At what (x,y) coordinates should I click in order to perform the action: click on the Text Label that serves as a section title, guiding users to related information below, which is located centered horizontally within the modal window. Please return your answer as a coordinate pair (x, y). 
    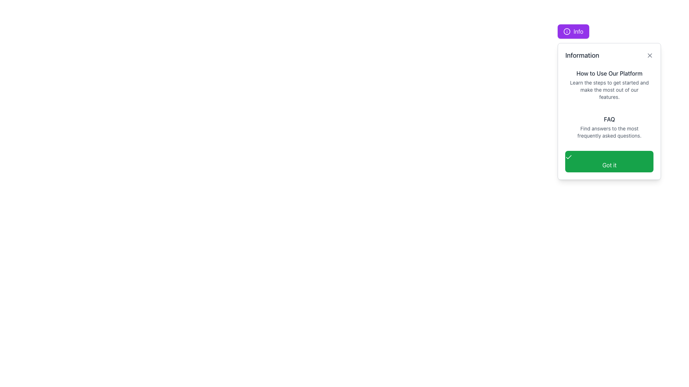
    Looking at the image, I should click on (609, 119).